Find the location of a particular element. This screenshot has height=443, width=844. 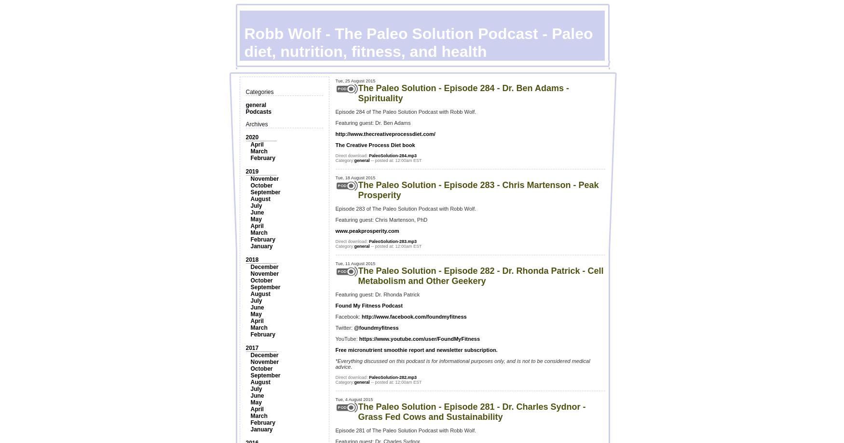

'2018' is located at coordinates (245, 259).